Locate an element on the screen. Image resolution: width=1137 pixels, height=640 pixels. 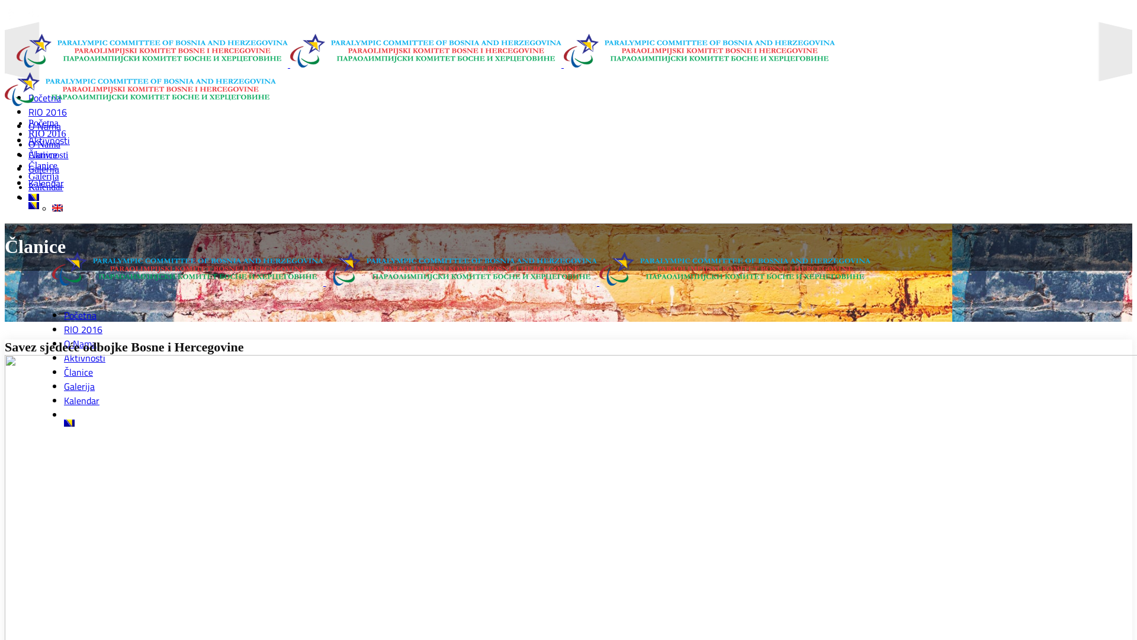
'RIO 2016' is located at coordinates (28, 133).